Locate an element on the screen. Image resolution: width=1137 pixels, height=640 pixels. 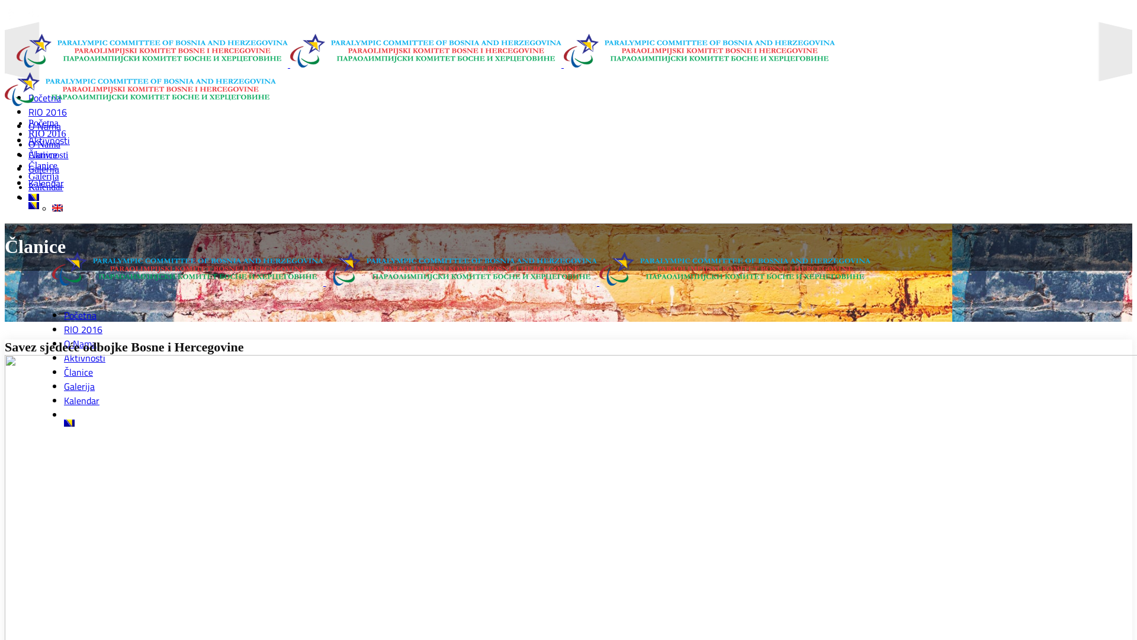
'RIO 2016' is located at coordinates (28, 133).